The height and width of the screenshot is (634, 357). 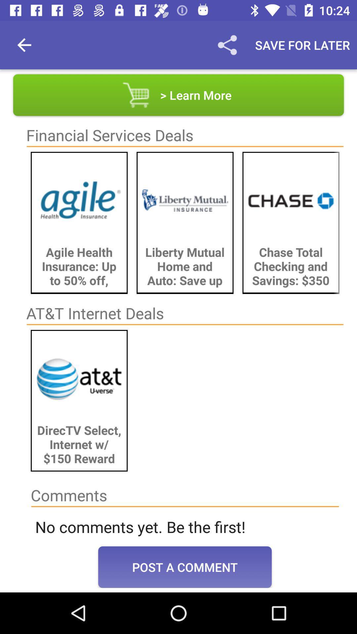 I want to click on the item to the left of save for later icon, so click(x=227, y=45).